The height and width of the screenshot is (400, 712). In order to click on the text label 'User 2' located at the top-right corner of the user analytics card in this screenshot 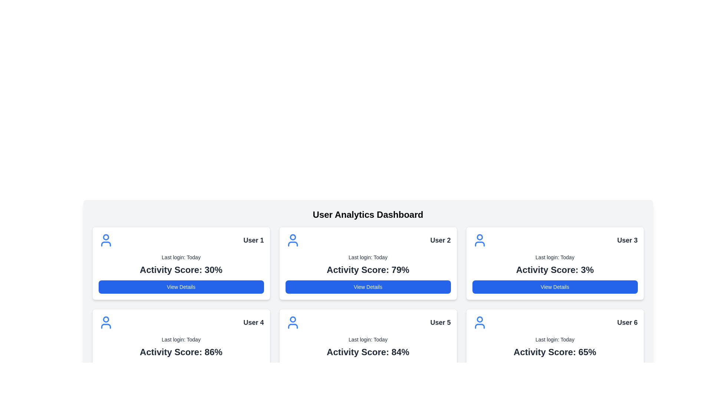, I will do `click(440, 240)`.